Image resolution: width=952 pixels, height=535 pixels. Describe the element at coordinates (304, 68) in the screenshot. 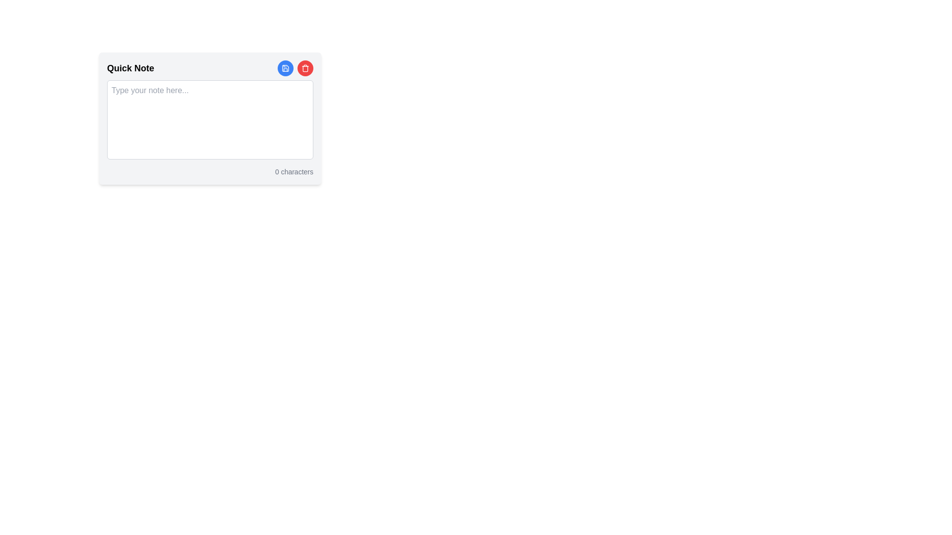

I see `the delete button located at the top-right corner of the 'Quick Note' widget interface` at that location.